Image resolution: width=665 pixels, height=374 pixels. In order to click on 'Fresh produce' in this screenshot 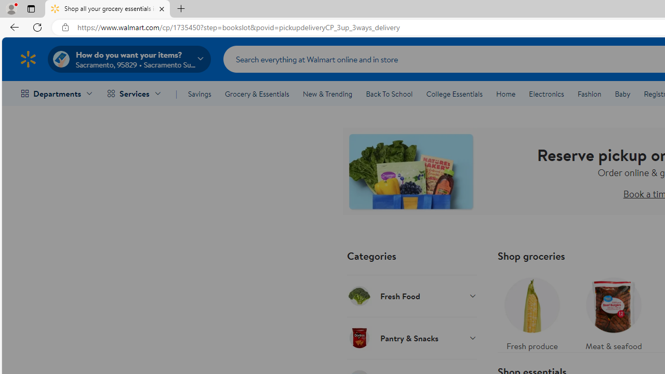, I will do `click(532, 311)`.